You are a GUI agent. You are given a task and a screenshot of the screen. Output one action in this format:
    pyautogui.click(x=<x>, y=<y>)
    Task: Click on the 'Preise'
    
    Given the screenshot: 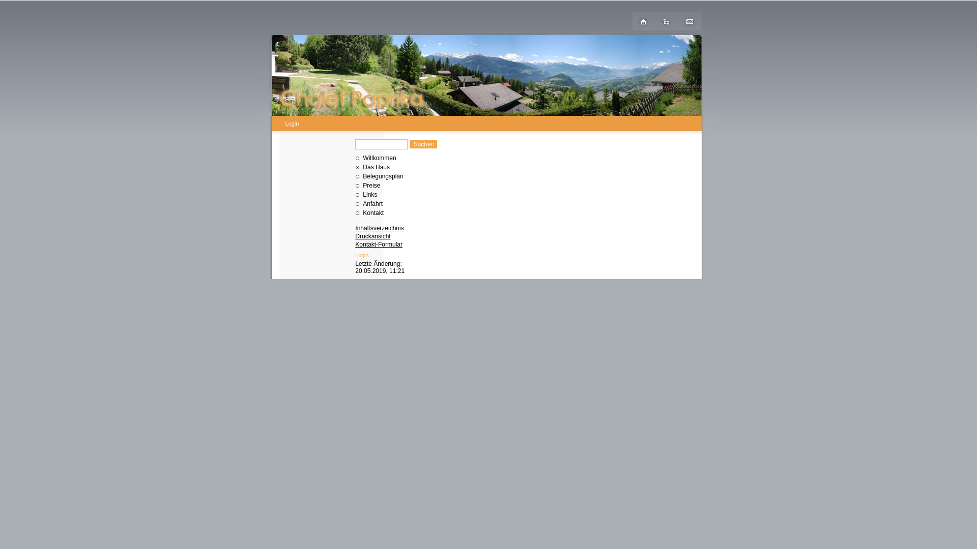 What is the action you would take?
    pyautogui.click(x=363, y=186)
    